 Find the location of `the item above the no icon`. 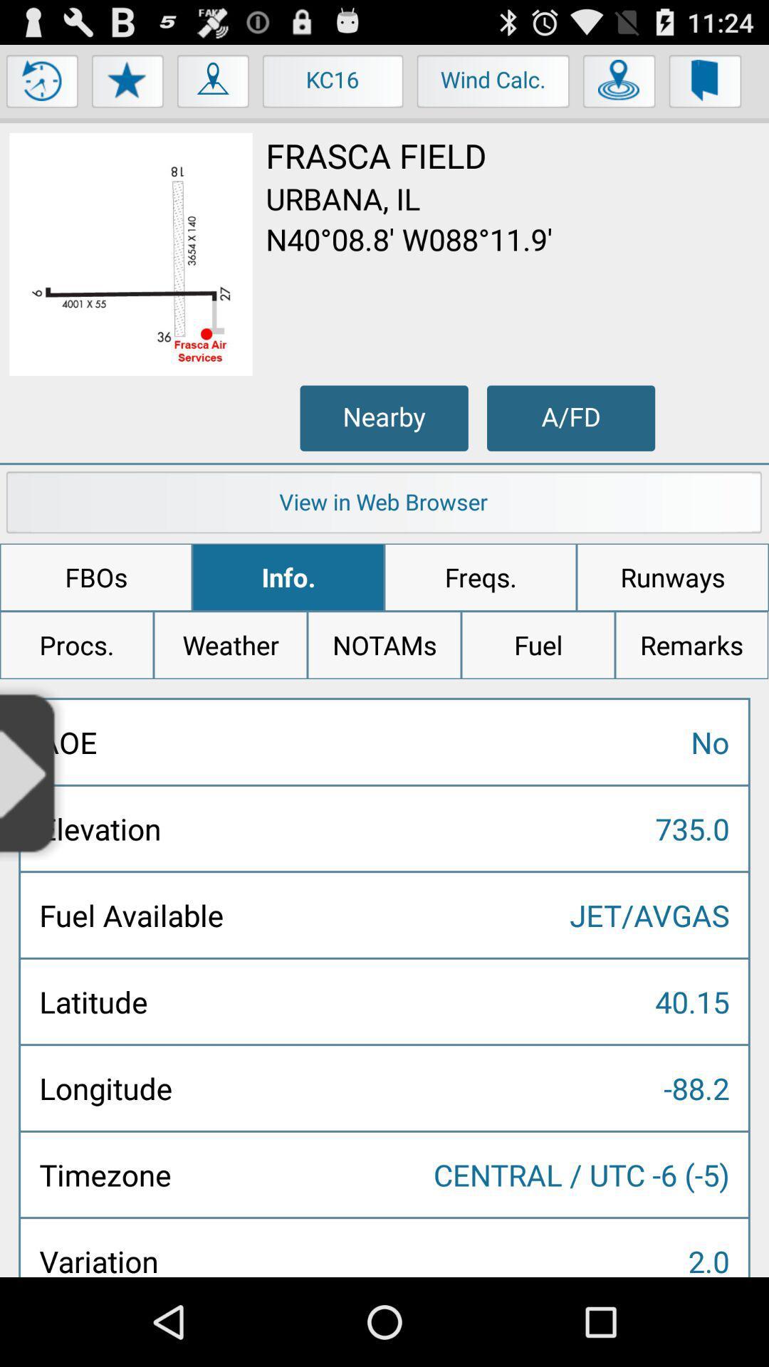

the item above the no icon is located at coordinates (384, 644).